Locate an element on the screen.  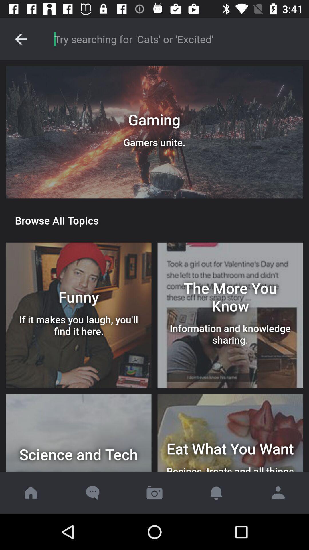
go home is located at coordinates (31, 492).